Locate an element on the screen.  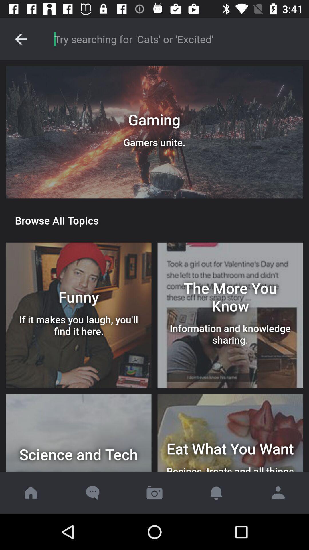
go home is located at coordinates (31, 492).